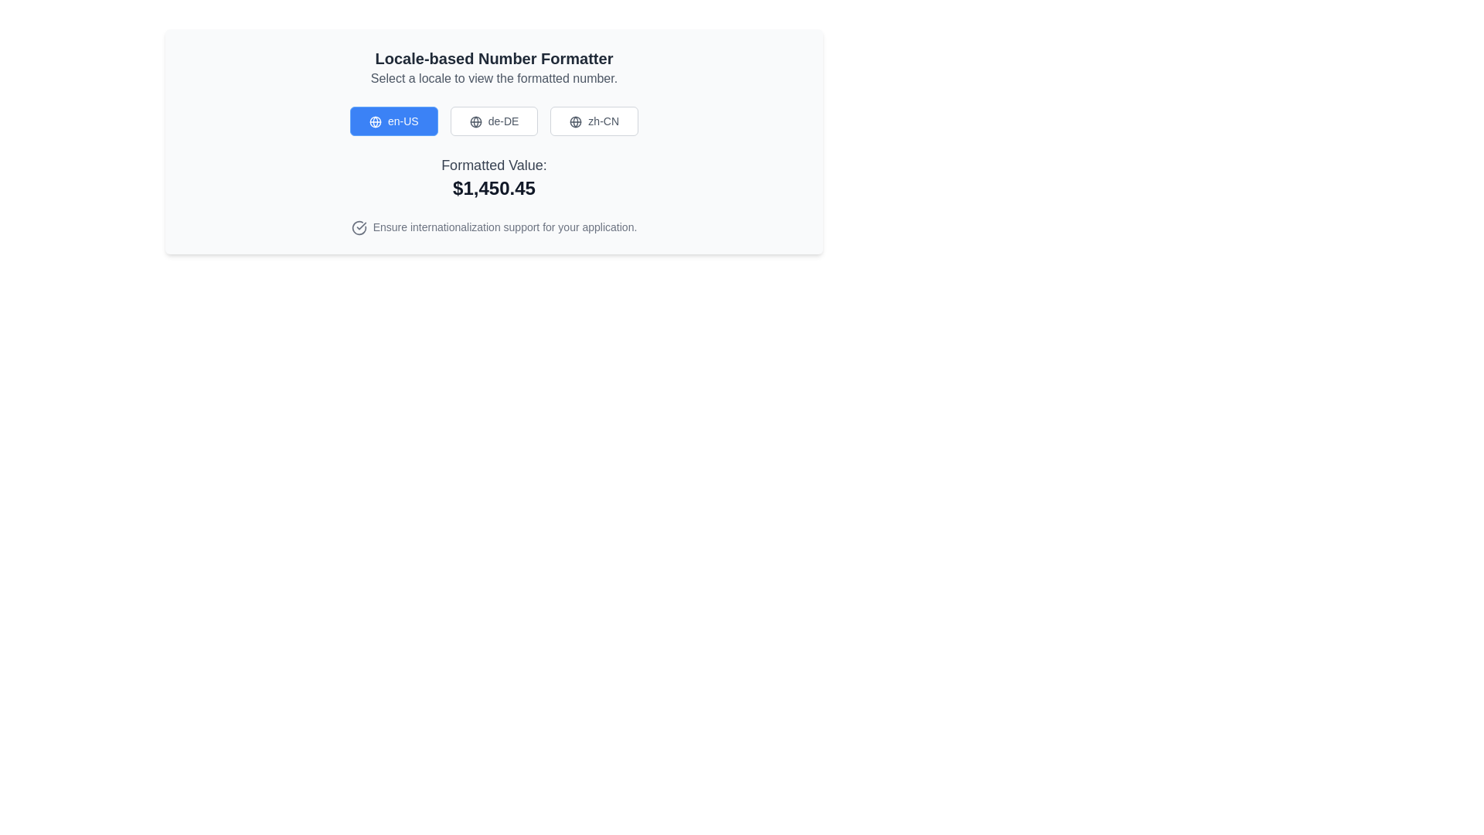 Image resolution: width=1484 pixels, height=835 pixels. Describe the element at coordinates (358, 228) in the screenshot. I see `the upper part of the circle in the SVG graphic icon that conveys information, located below the formatted value '$1,450.45' and above the text label 'Ensure internationalization support for your application.'` at that location.